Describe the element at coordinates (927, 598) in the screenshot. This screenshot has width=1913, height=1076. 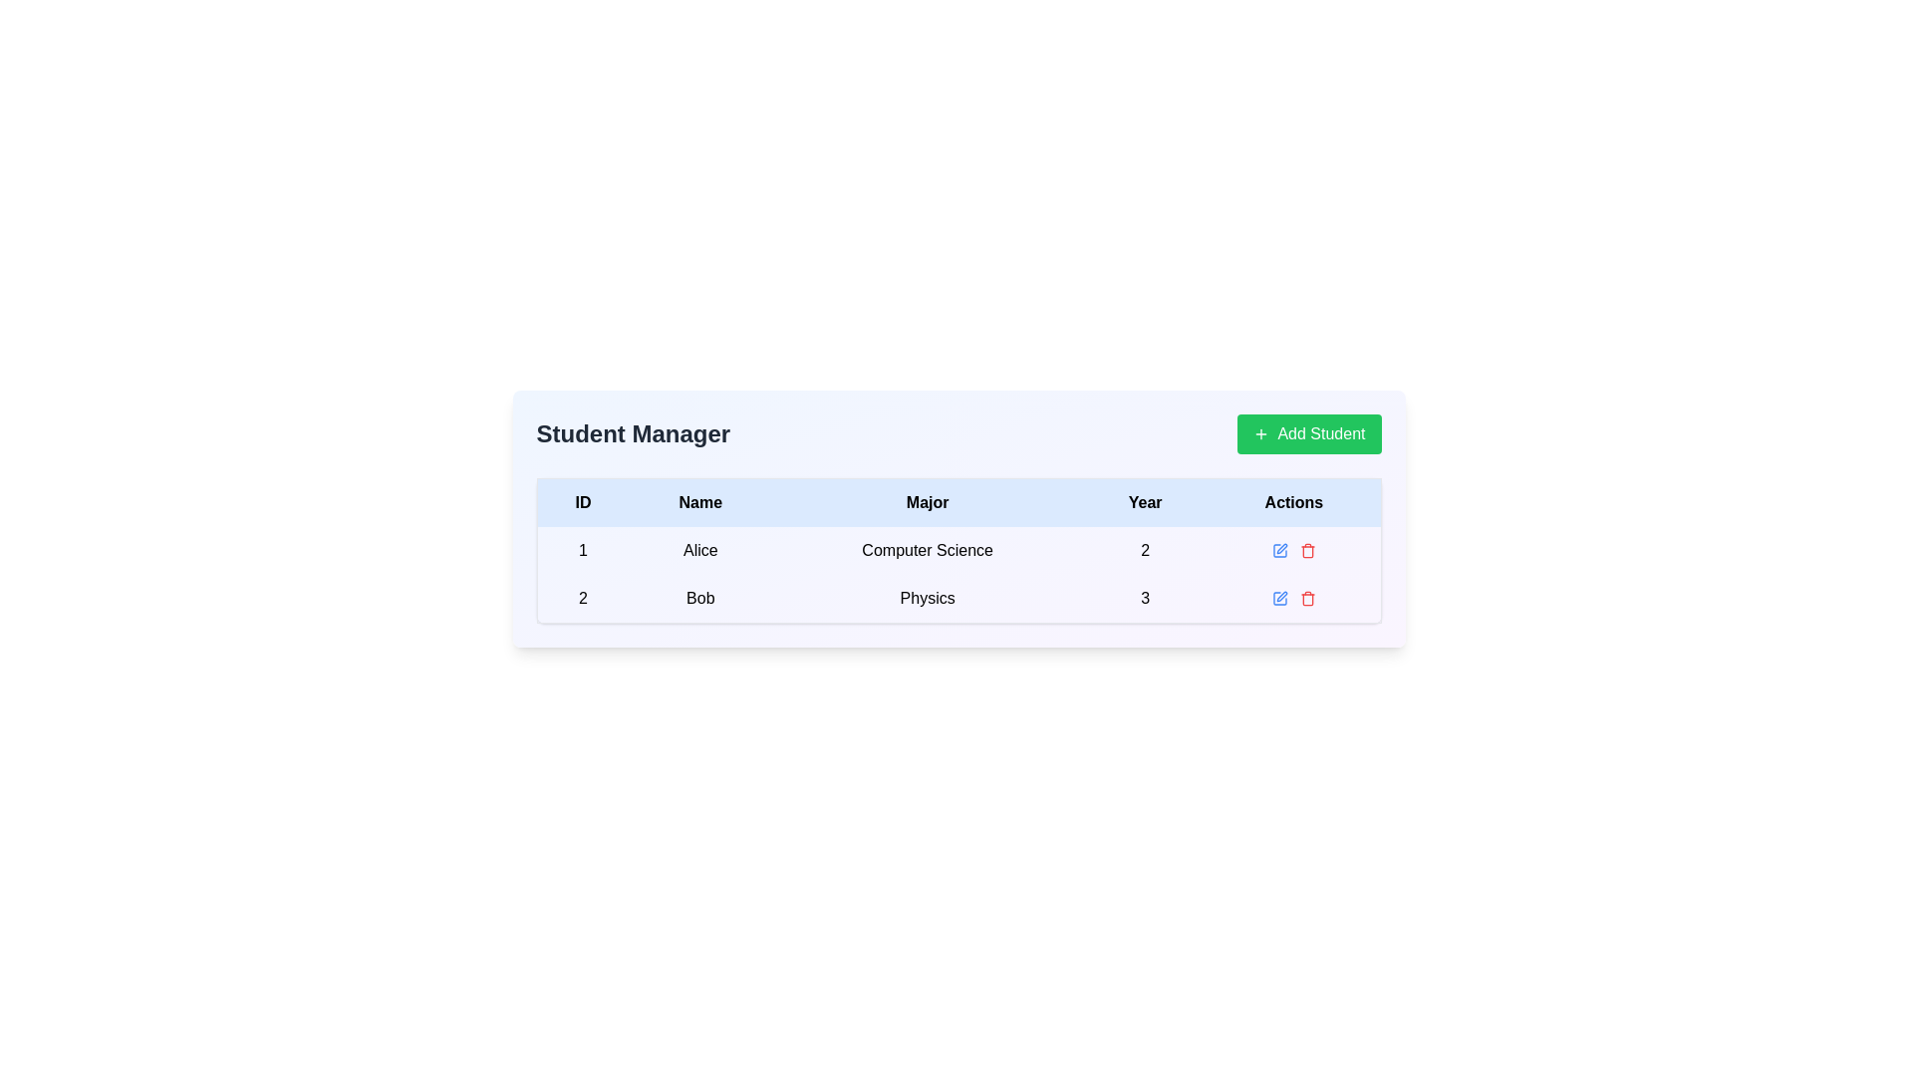
I see `the 'Physics' text label in the 'Major' column of the second row for student 'Bob', which is the third cell in this row` at that location.